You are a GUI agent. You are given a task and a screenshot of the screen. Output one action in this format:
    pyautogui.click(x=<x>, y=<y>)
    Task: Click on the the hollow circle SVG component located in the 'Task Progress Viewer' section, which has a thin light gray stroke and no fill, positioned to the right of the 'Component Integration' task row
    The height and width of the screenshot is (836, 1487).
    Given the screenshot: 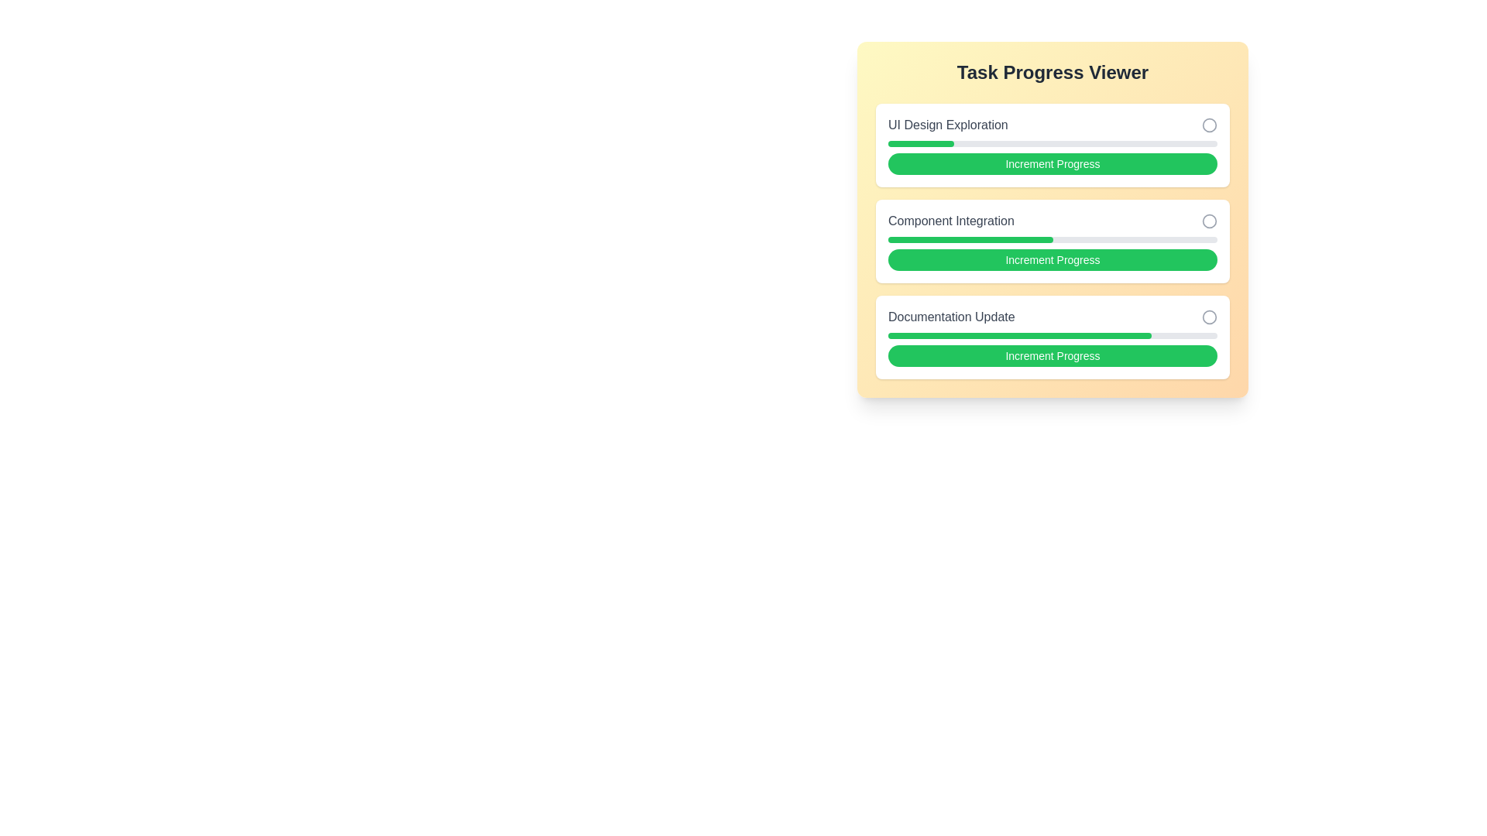 What is the action you would take?
    pyautogui.click(x=1208, y=221)
    